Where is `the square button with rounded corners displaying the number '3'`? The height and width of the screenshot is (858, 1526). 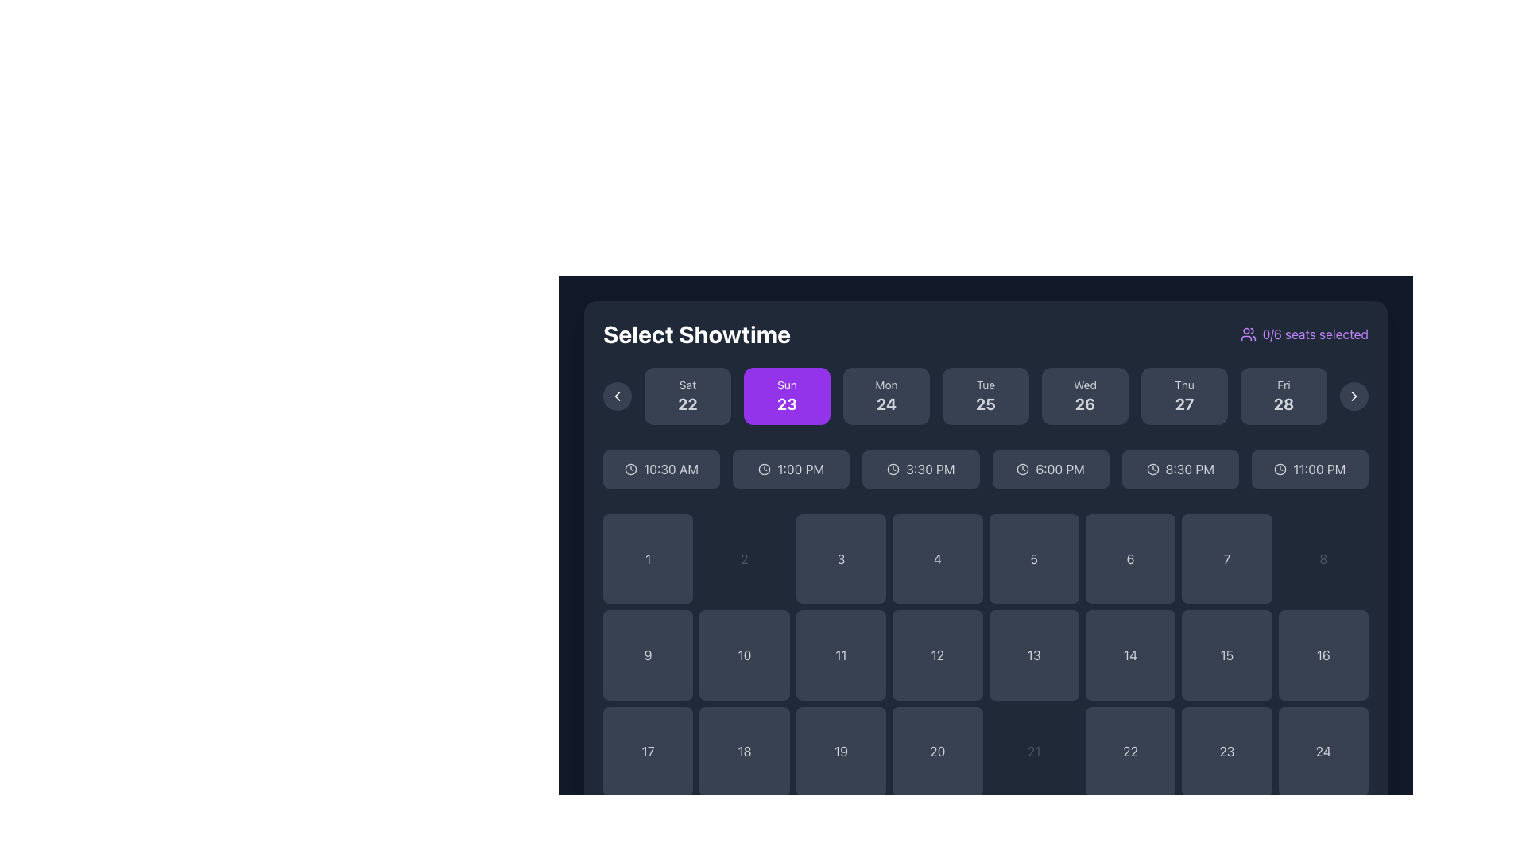
the square button with rounded corners displaying the number '3' is located at coordinates (840, 558).